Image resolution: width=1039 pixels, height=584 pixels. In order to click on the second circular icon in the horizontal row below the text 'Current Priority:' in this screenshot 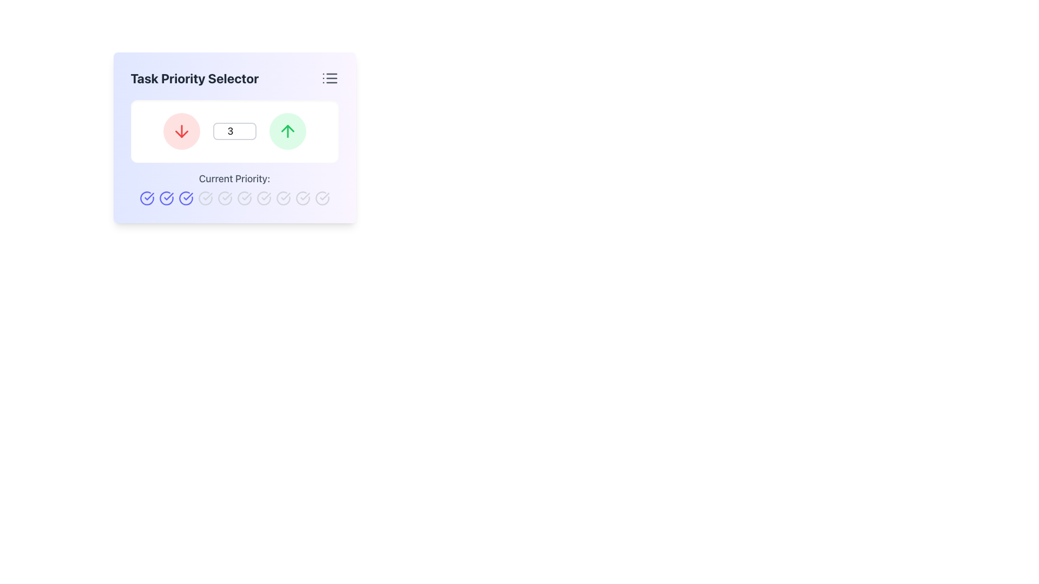, I will do `click(146, 198)`.